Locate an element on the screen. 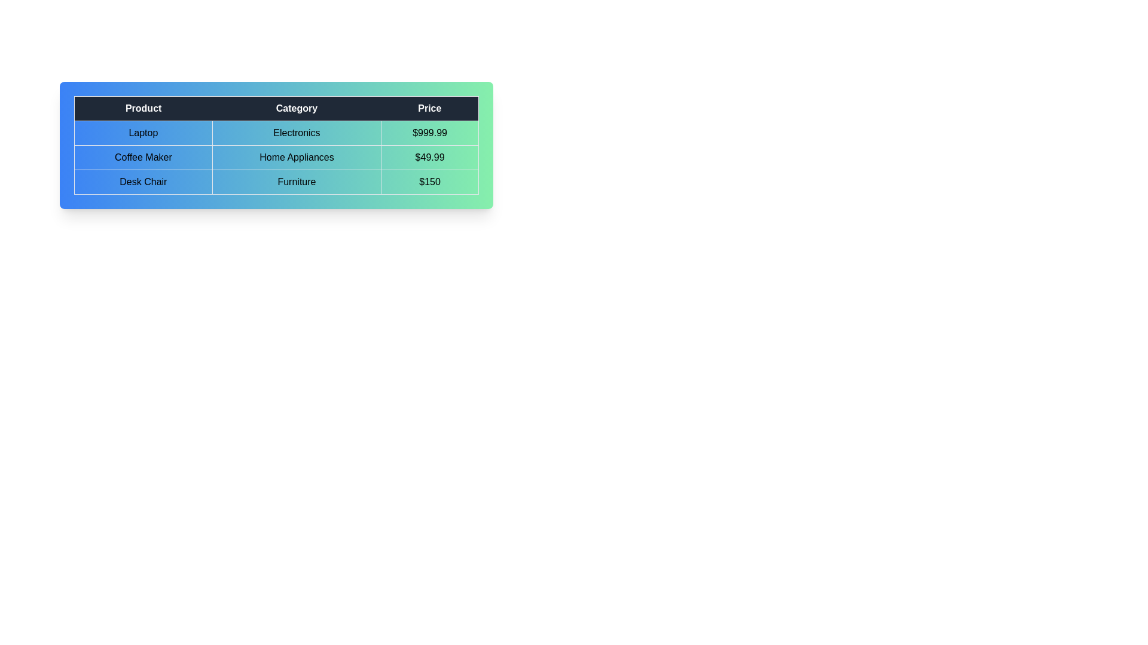 This screenshot has width=1148, height=645. the central area of the table displaying items, categories, and prices for interaction with individual items is located at coordinates (276, 145).